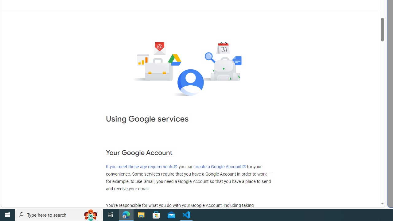 Image resolution: width=393 pixels, height=221 pixels. What do you see at coordinates (90, 214) in the screenshot?
I see `'Search highlights icon opens search home window'` at bounding box center [90, 214].